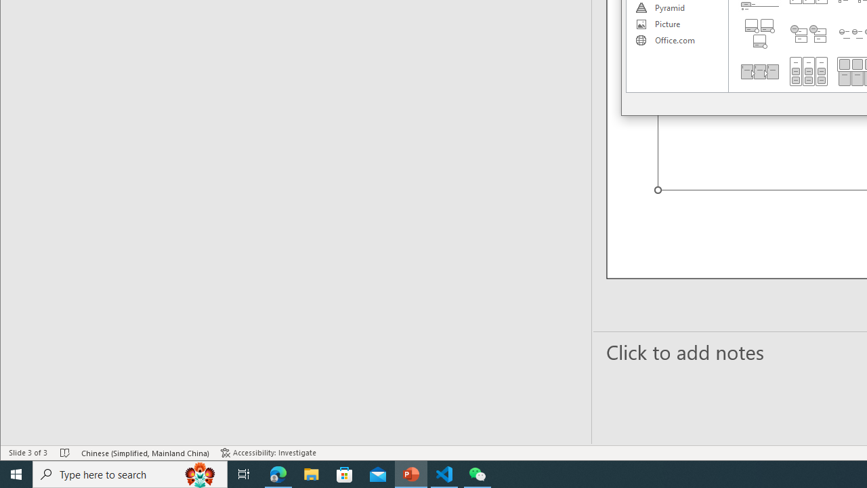  Describe the element at coordinates (278, 473) in the screenshot. I see `'Microsoft Edge - 1 running window'` at that location.